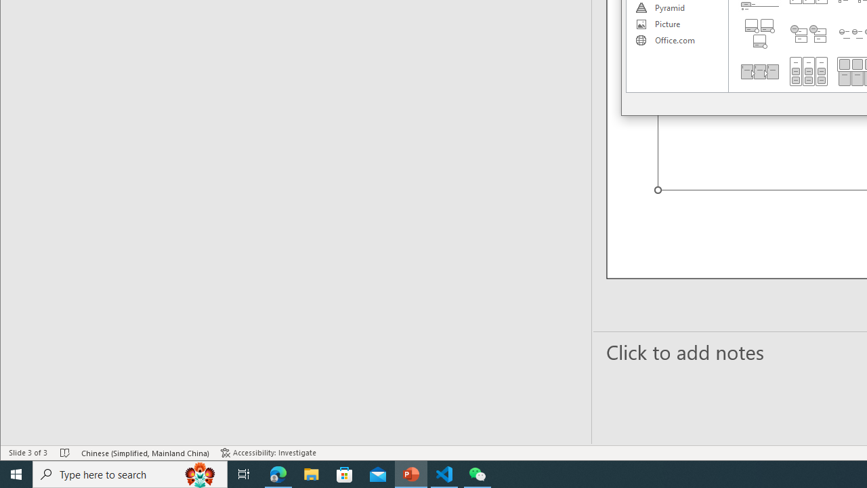  Describe the element at coordinates (278, 473) in the screenshot. I see `'Microsoft Edge - 1 running window'` at that location.